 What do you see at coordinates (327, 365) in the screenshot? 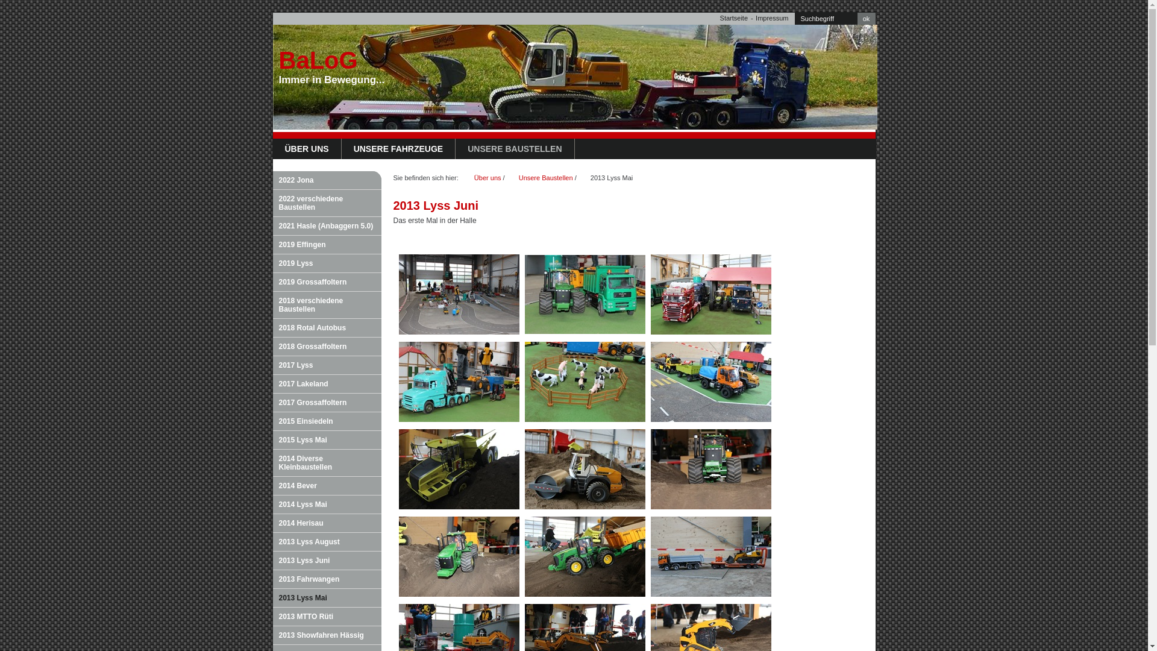
I see `'2017 Lyss'` at bounding box center [327, 365].